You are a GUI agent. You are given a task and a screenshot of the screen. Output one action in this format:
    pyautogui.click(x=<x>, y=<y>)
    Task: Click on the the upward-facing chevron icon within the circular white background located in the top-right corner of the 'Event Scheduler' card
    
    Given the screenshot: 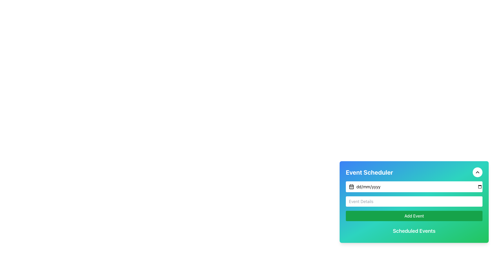 What is the action you would take?
    pyautogui.click(x=477, y=172)
    